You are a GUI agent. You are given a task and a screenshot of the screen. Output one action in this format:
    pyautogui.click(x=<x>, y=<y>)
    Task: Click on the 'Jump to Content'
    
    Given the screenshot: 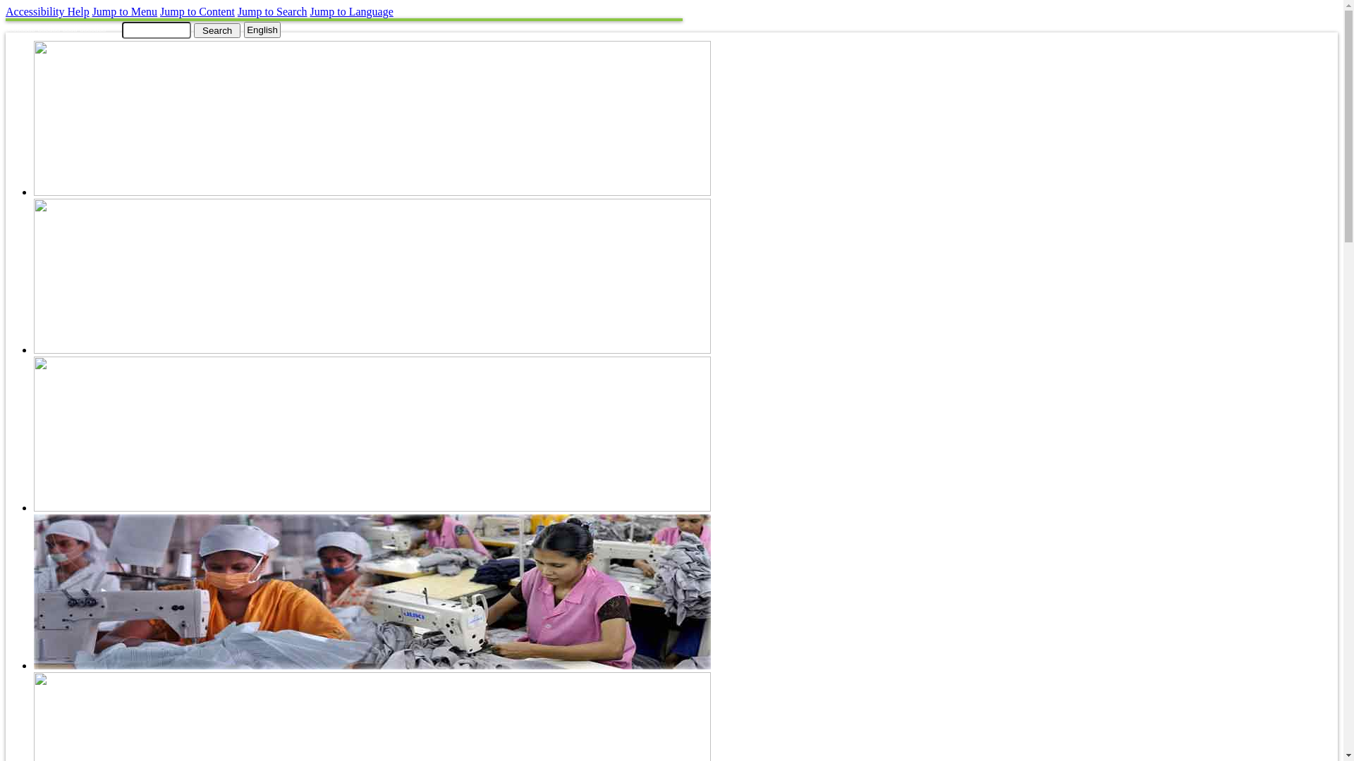 What is the action you would take?
    pyautogui.click(x=196, y=11)
    